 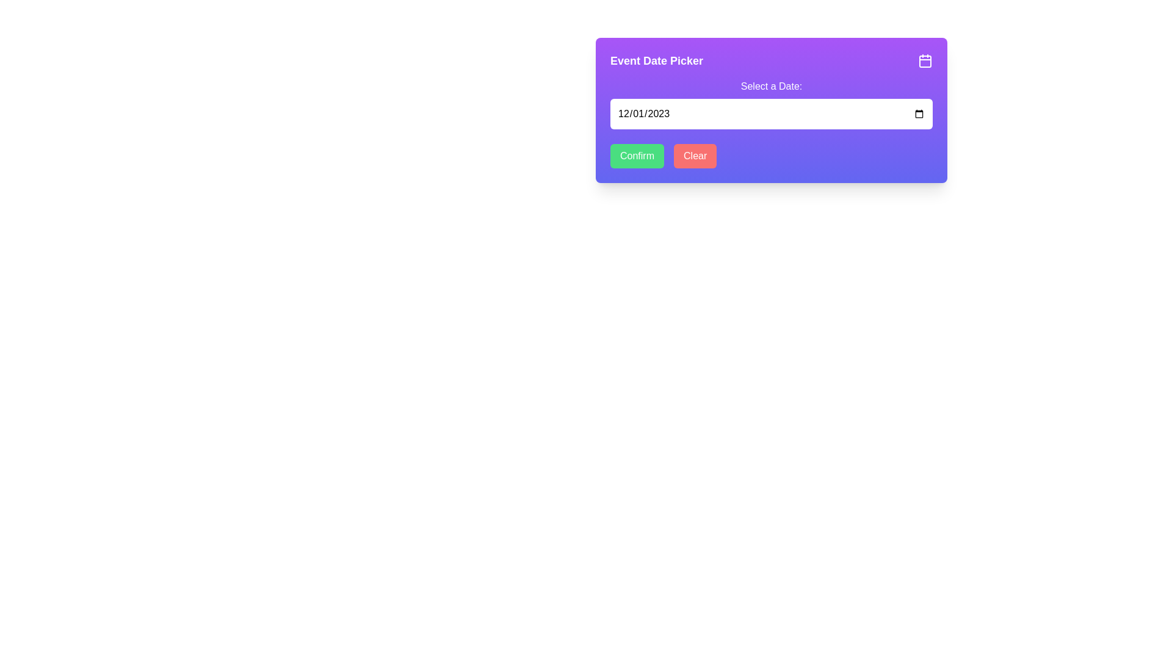 What do you see at coordinates (770, 86) in the screenshot?
I see `text of the Label that informs users about the date input field located below it` at bounding box center [770, 86].